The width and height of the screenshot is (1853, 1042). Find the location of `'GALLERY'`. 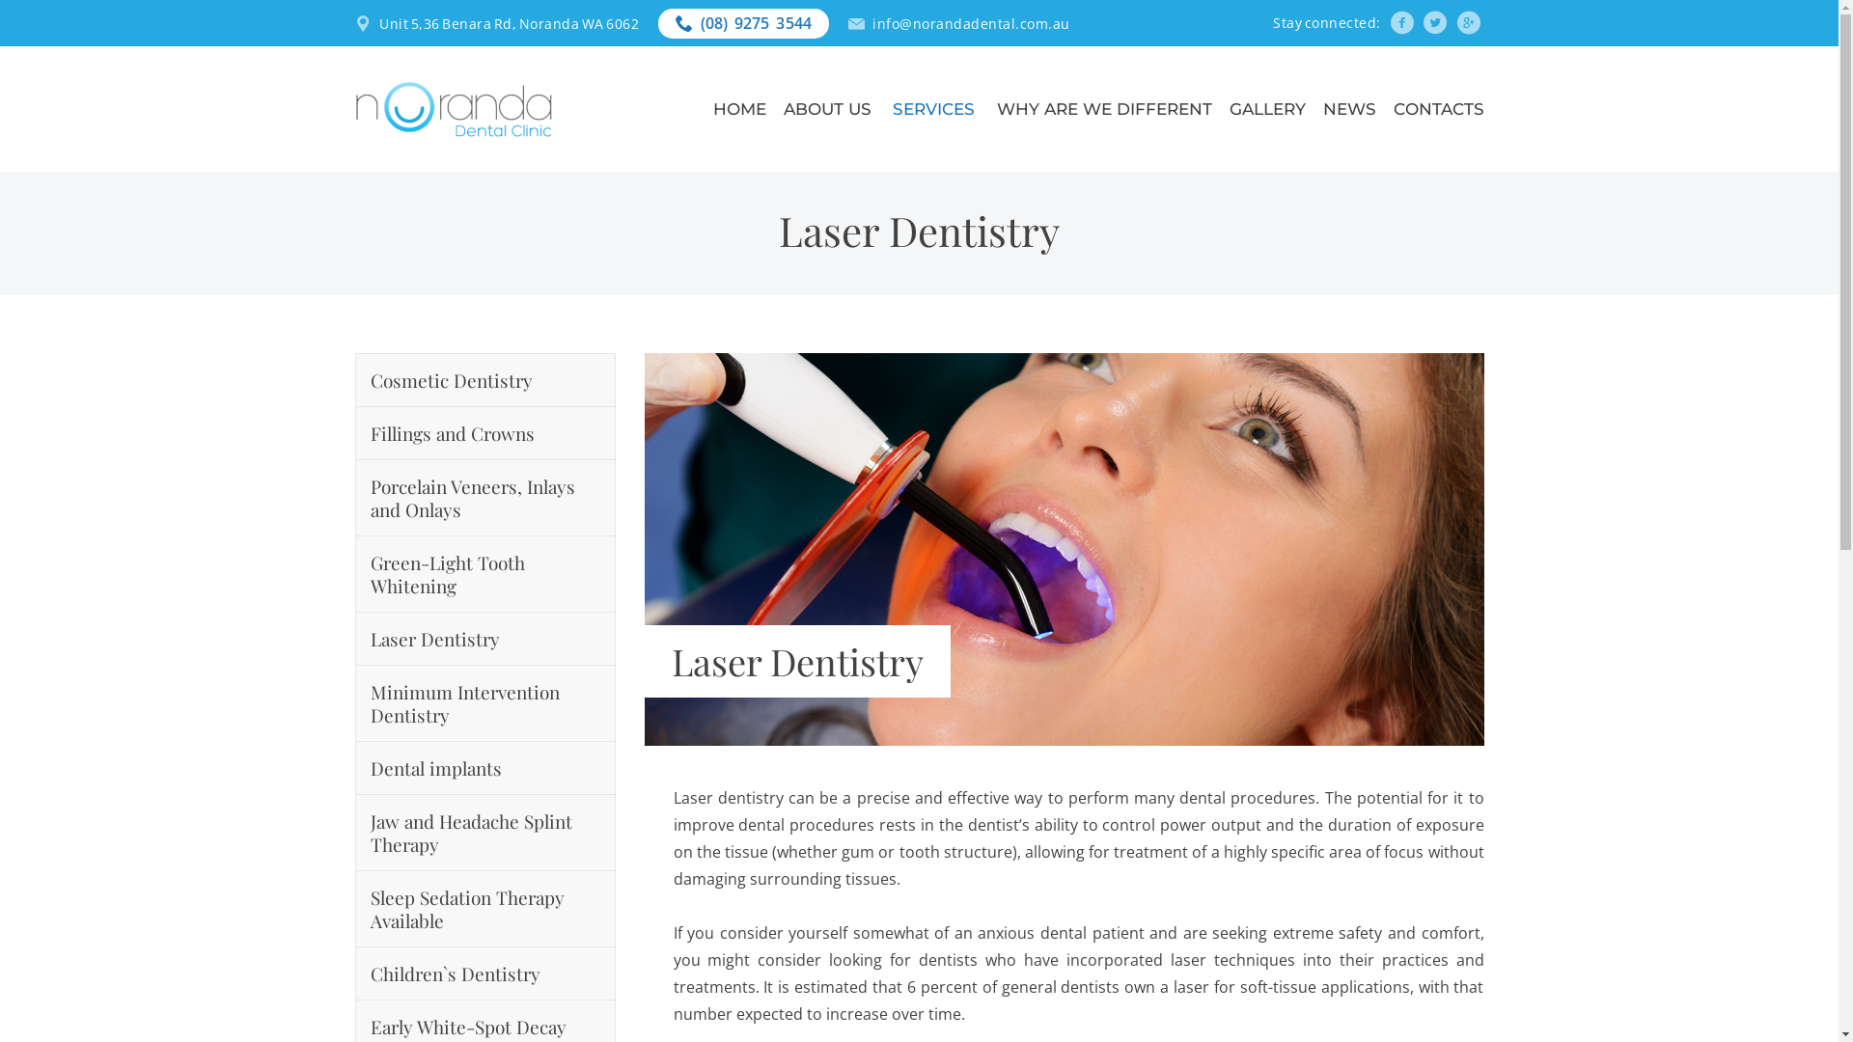

'GALLERY' is located at coordinates (1267, 108).